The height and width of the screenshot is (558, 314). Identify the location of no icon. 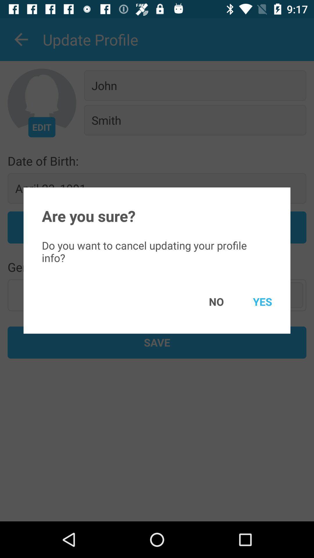
(208, 301).